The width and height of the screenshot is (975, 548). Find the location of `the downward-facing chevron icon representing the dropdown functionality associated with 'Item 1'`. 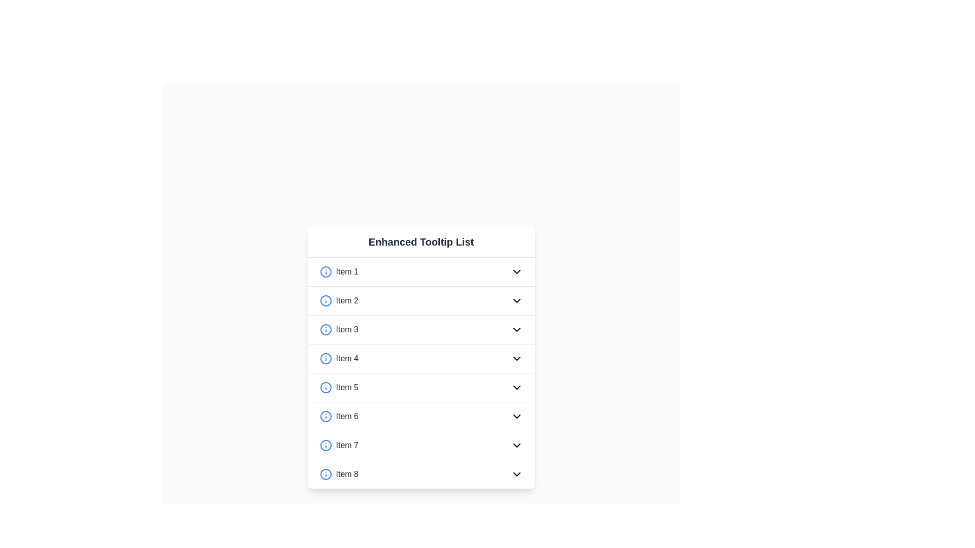

the downward-facing chevron icon representing the dropdown functionality associated with 'Item 1' is located at coordinates (516, 271).